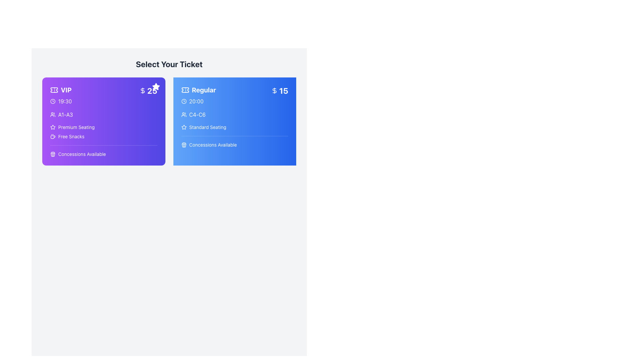  What do you see at coordinates (280, 91) in the screenshot?
I see `price information displayed on the label indicating the cost of the 'Regular' ticket, which is located in the top-right corner of the blue card layout` at bounding box center [280, 91].